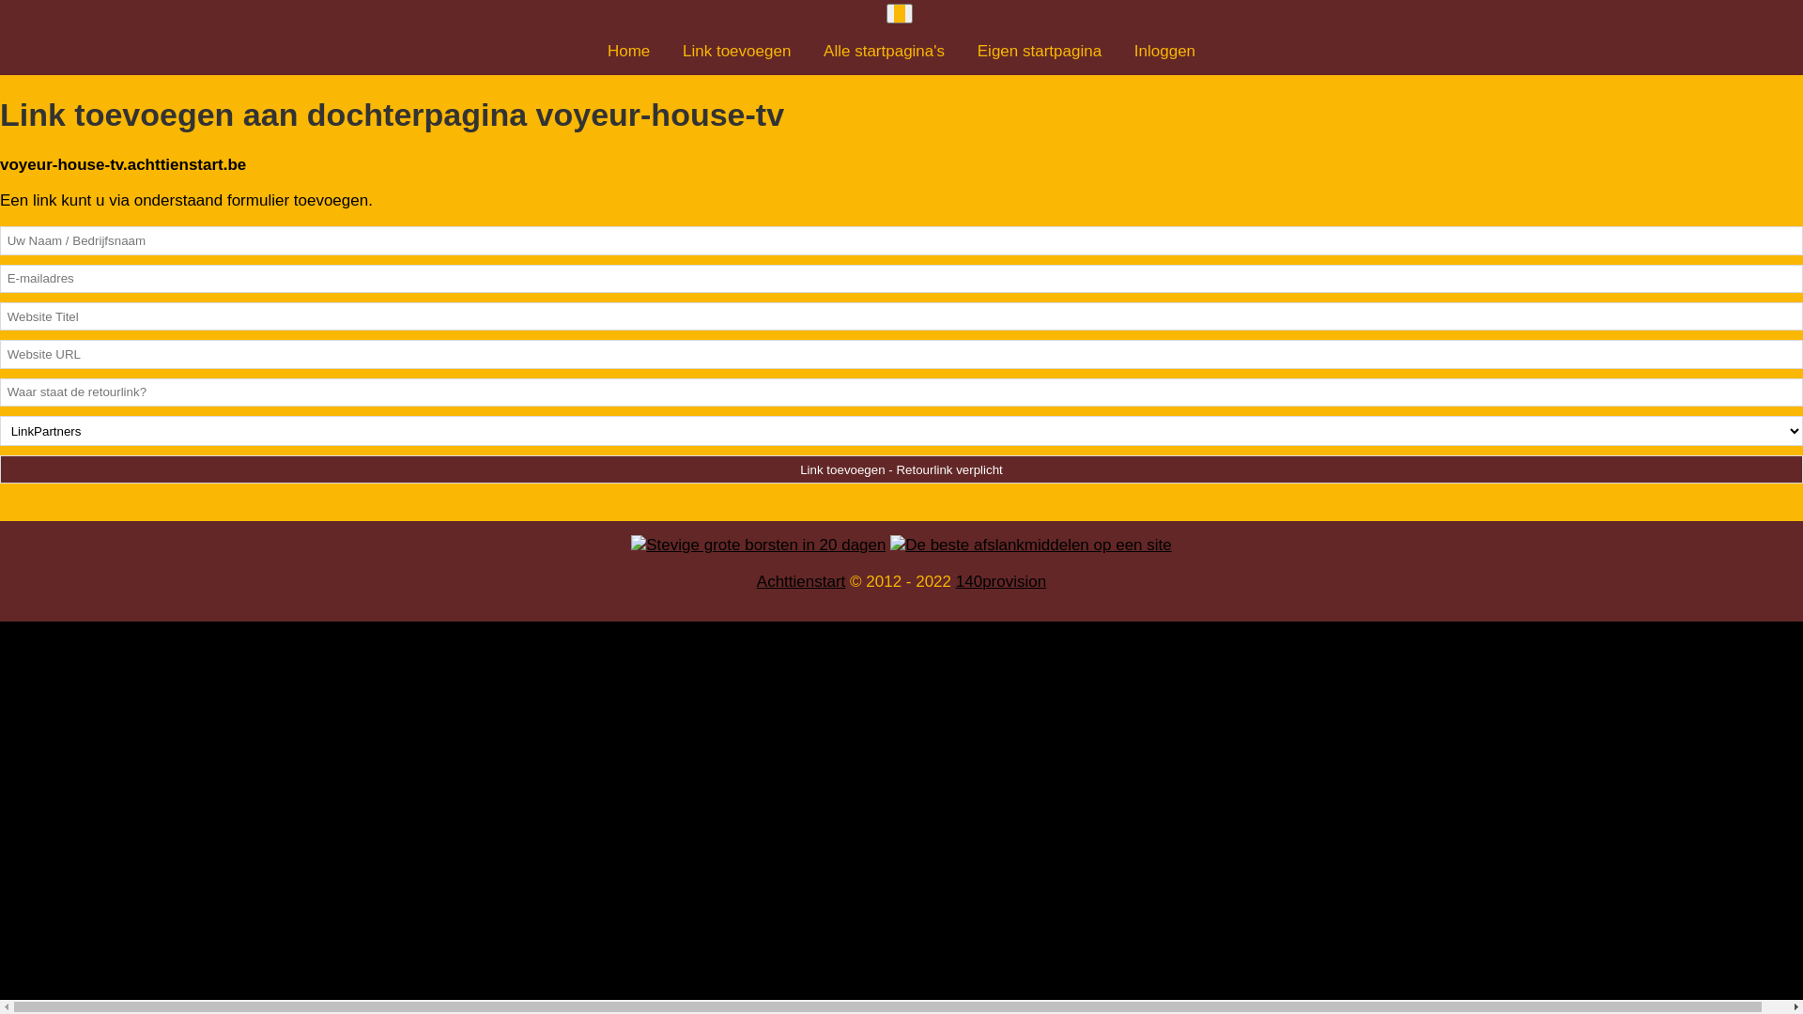  Describe the element at coordinates (999, 580) in the screenshot. I see `'140provision'` at that location.